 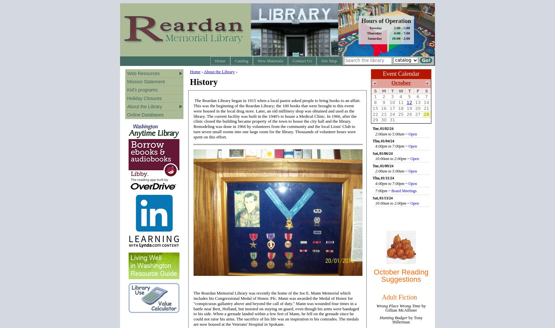 I want to click on '25', so click(x=401, y=113).